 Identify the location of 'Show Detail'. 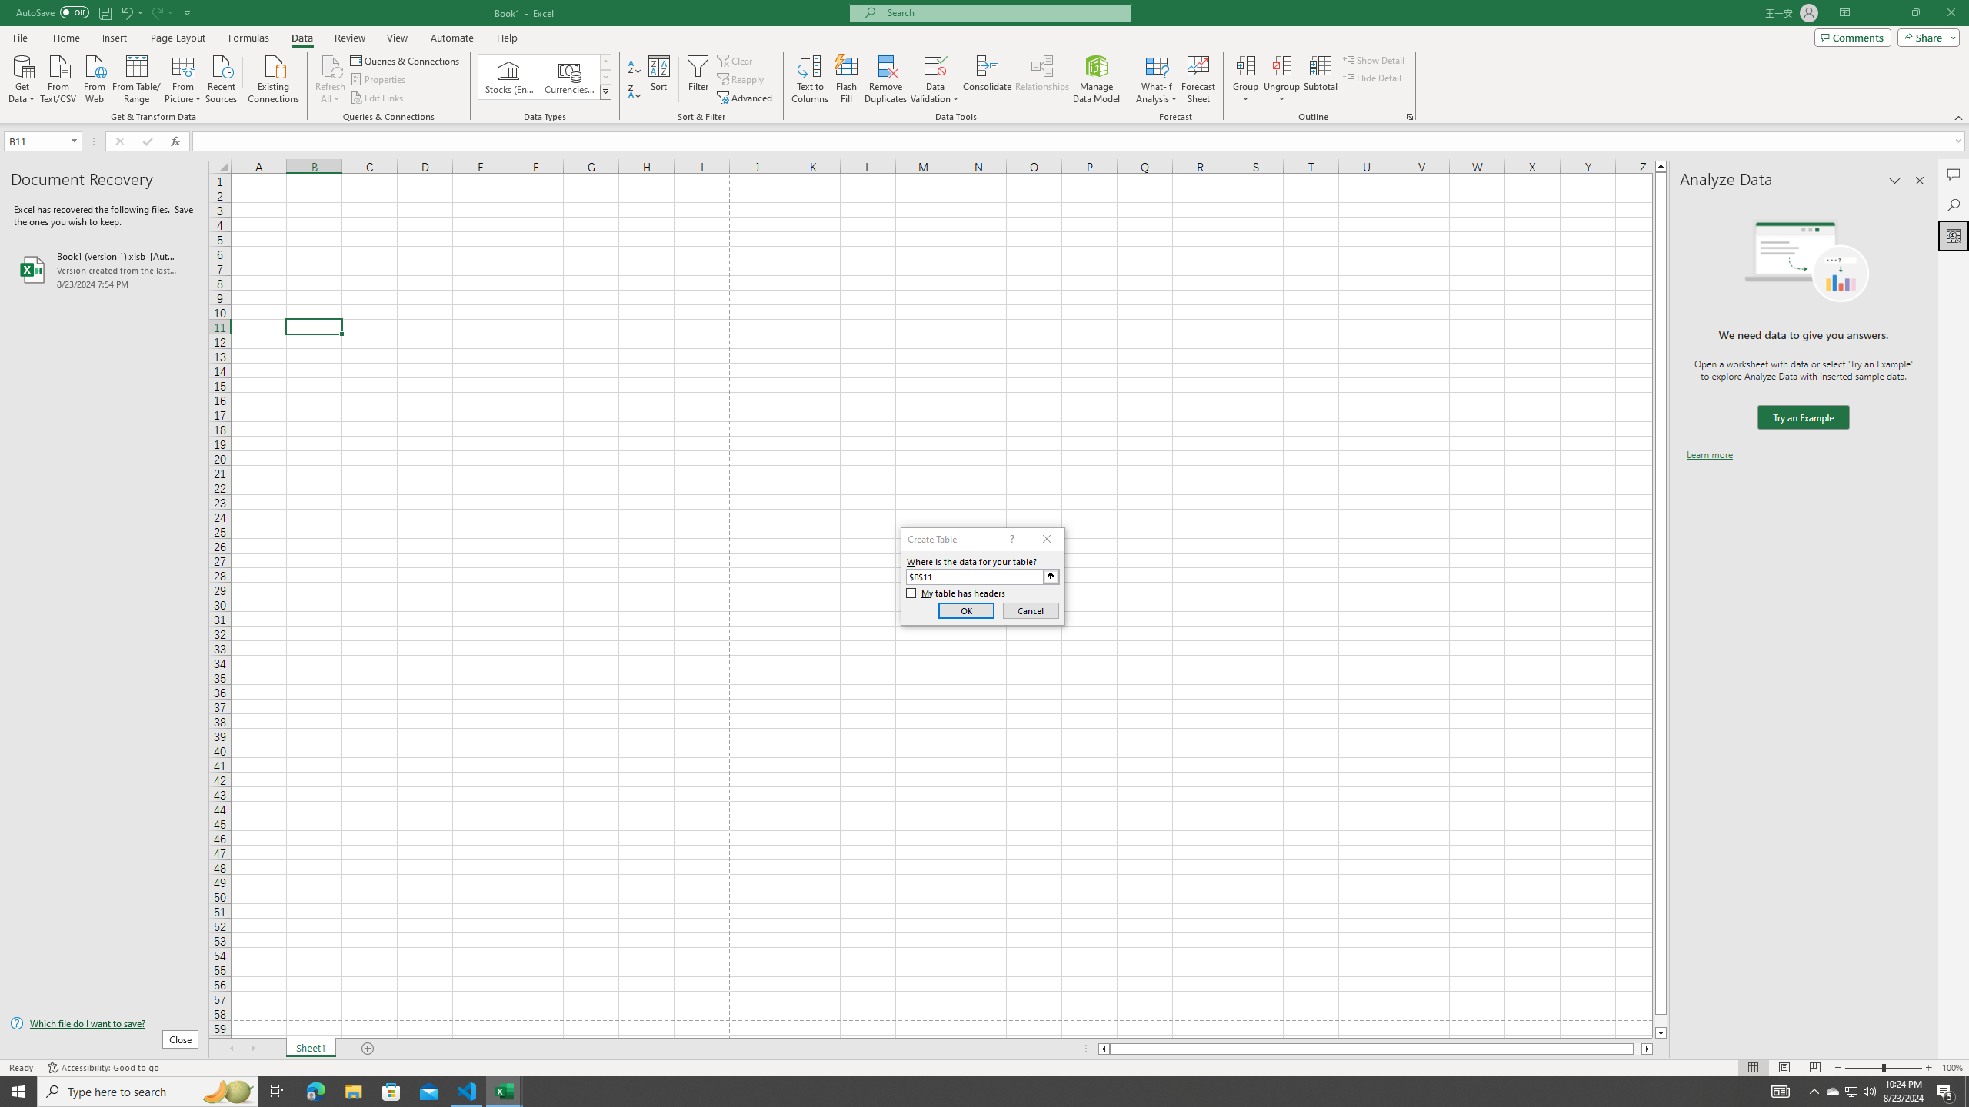
(1373, 59).